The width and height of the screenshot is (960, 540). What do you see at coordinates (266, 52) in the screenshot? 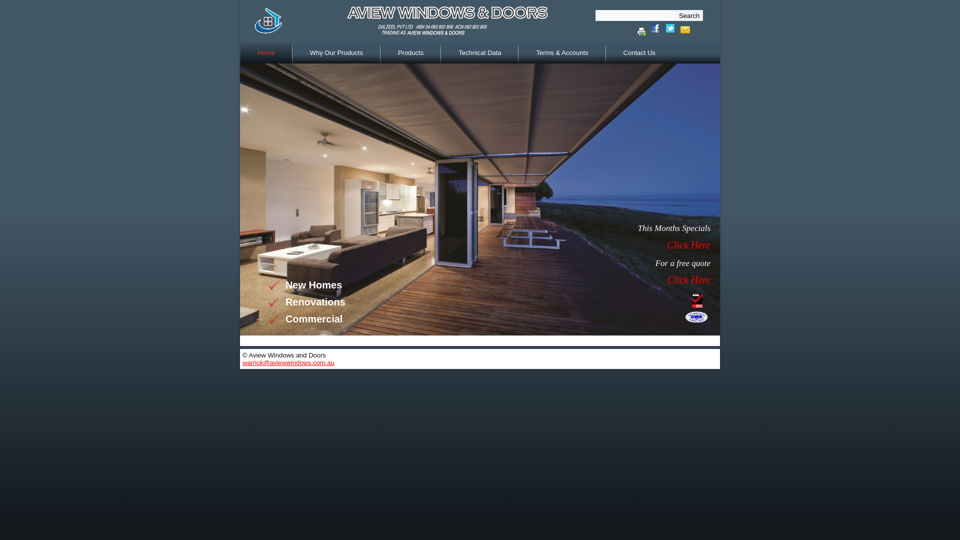
I see `'Home'` at bounding box center [266, 52].